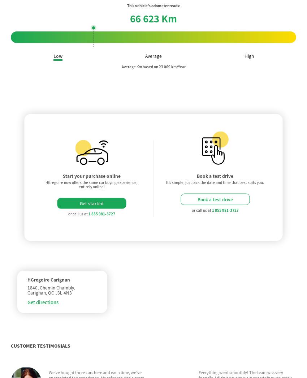 The image size is (307, 378). What do you see at coordinates (74, 370) in the screenshot?
I see `'Honda'` at bounding box center [74, 370].